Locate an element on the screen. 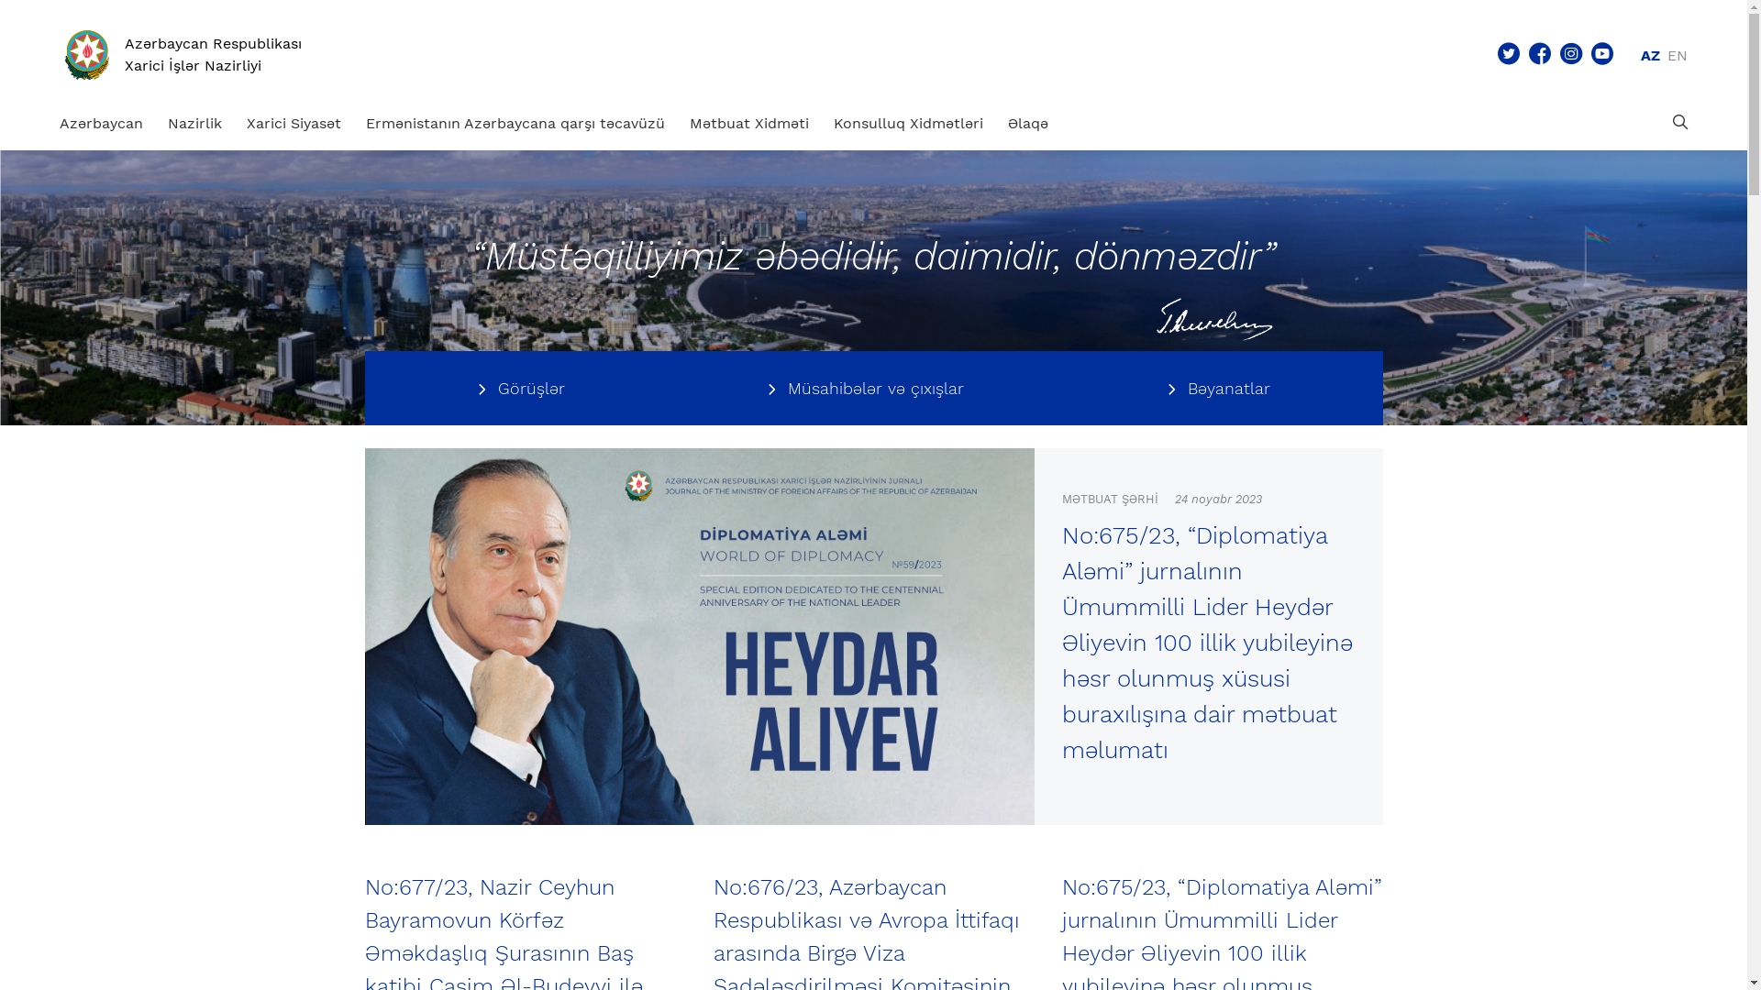  'Sosial menu - Facebook' is located at coordinates (1540, 54).